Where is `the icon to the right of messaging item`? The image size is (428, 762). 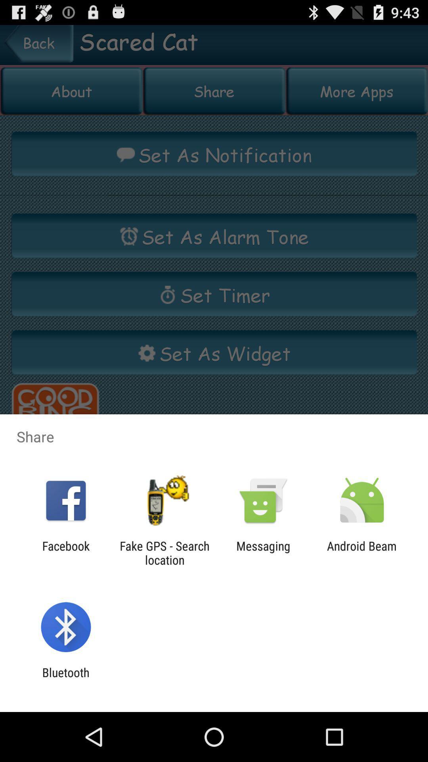 the icon to the right of messaging item is located at coordinates (362, 552).